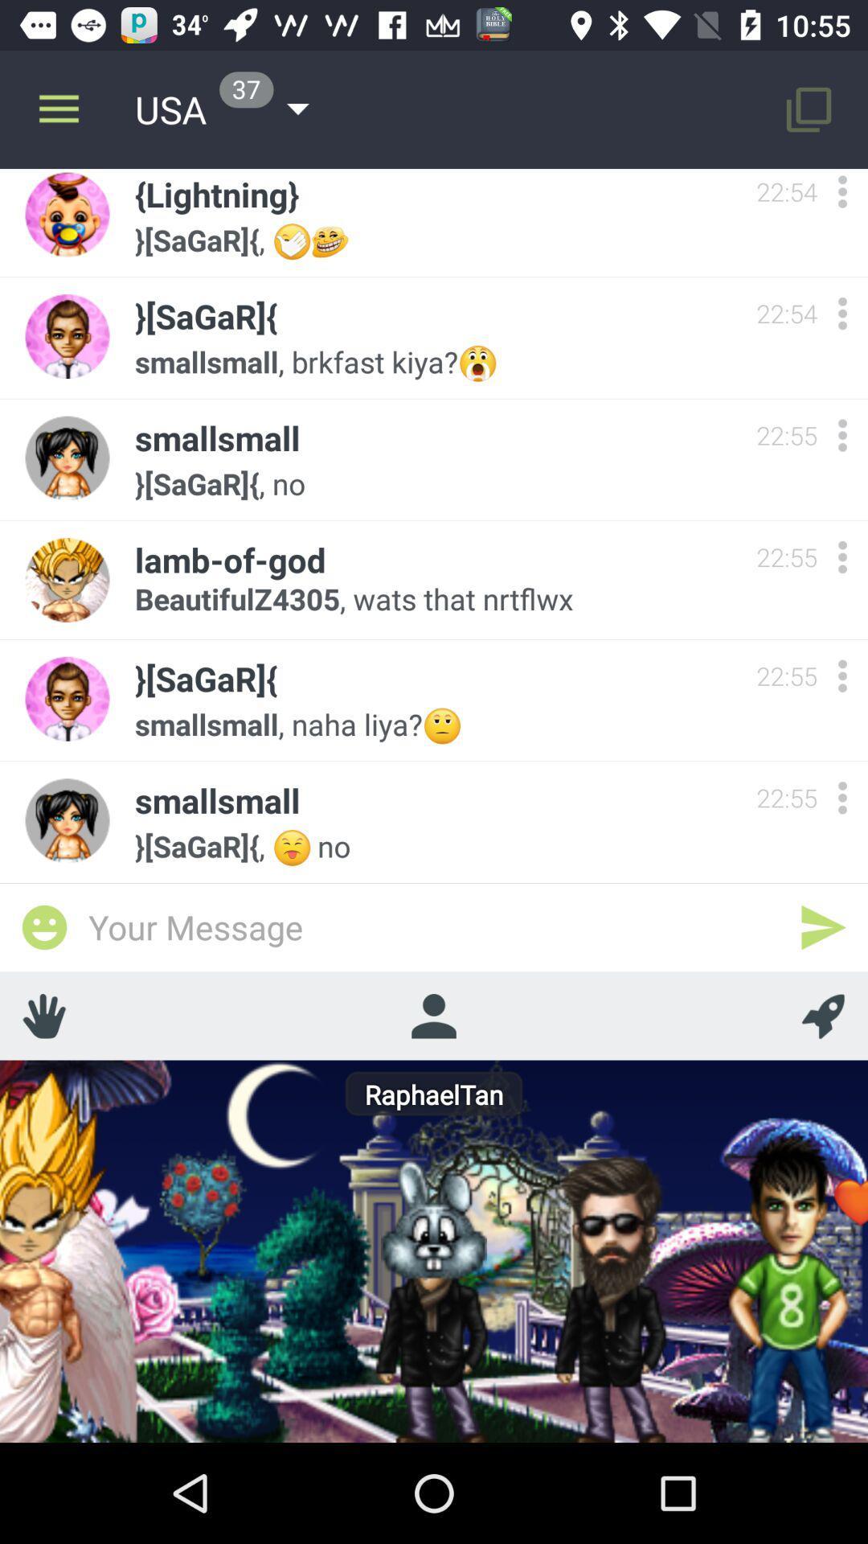  Describe the element at coordinates (841, 675) in the screenshot. I see `the more icon` at that location.